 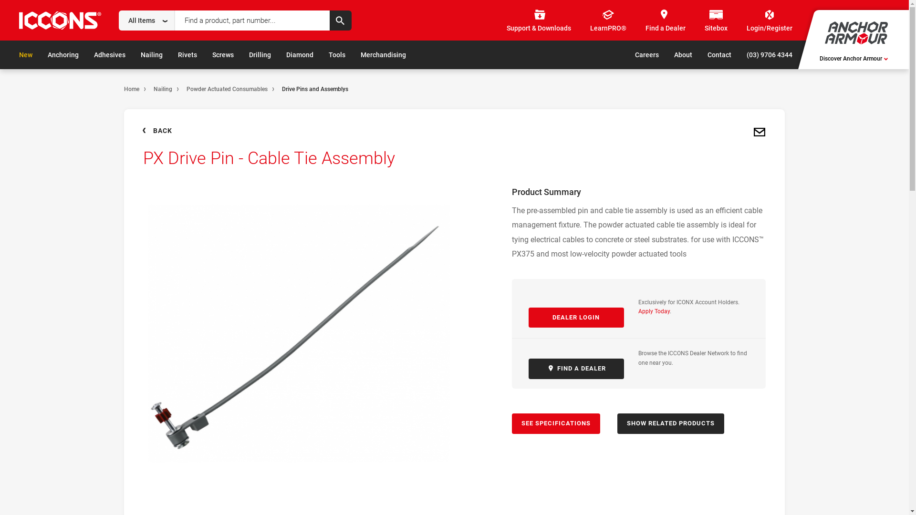 What do you see at coordinates (819, 59) in the screenshot?
I see `'Discover Anchor Armour'` at bounding box center [819, 59].